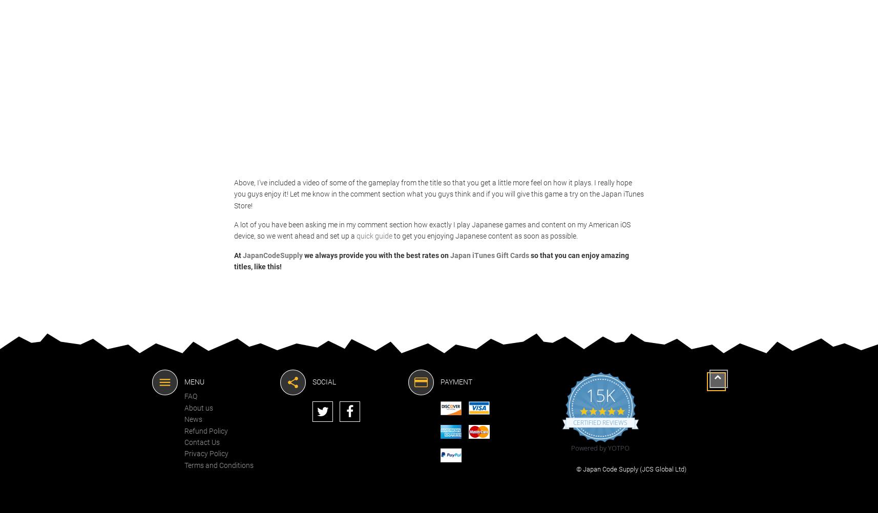 This screenshot has height=513, width=878. Describe the element at coordinates (373, 236) in the screenshot. I see `'quick guide'` at that location.